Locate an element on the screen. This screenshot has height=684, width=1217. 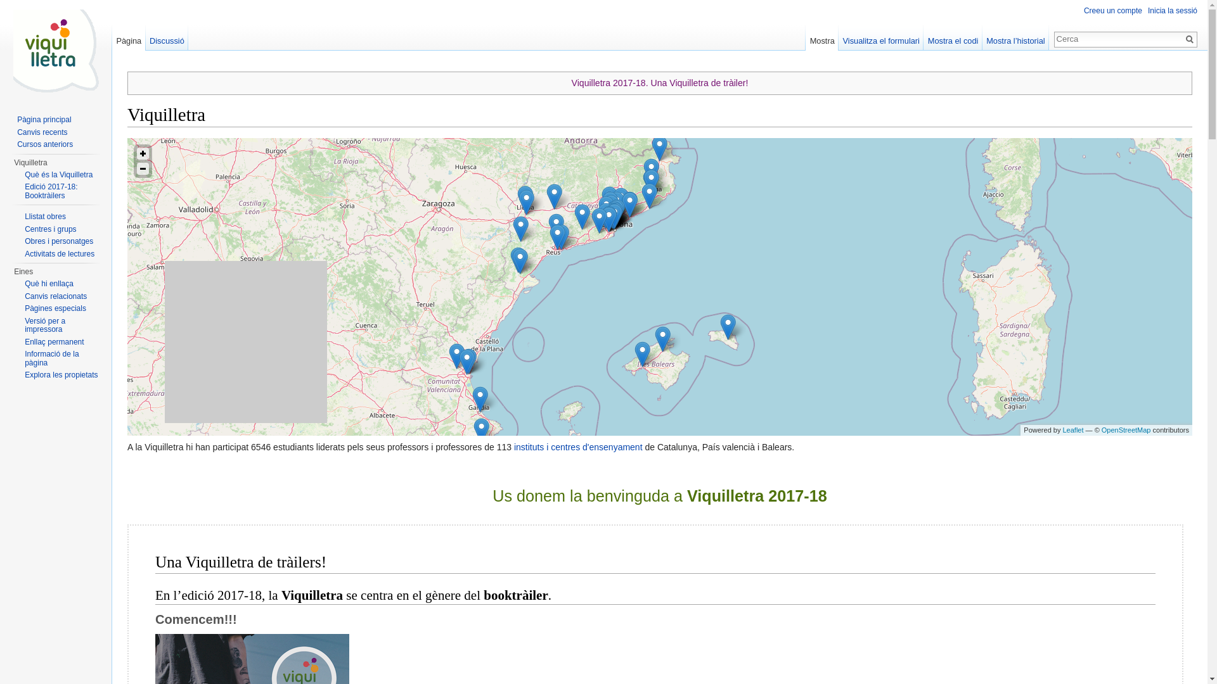
'Explora les propietats' is located at coordinates (60, 374).